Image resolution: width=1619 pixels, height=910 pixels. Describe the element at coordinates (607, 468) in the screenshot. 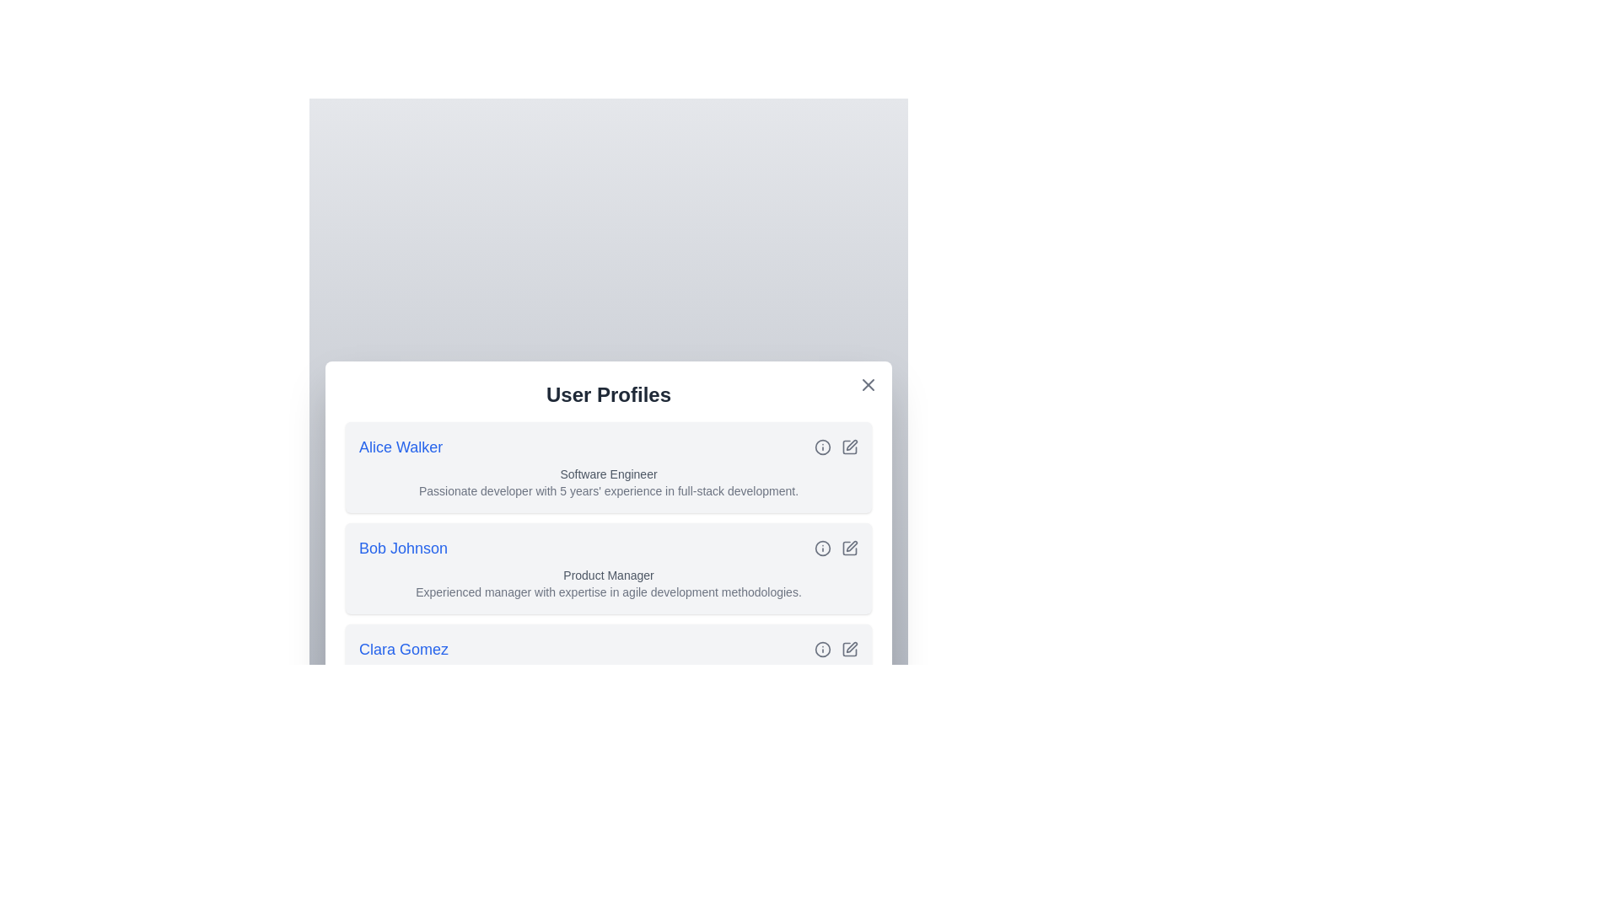

I see `the user profile item for Alice Walker` at that location.